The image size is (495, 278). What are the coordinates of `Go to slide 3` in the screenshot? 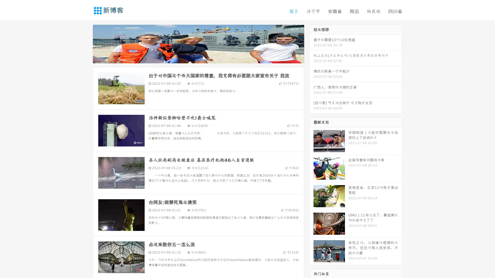 It's located at (203, 58).